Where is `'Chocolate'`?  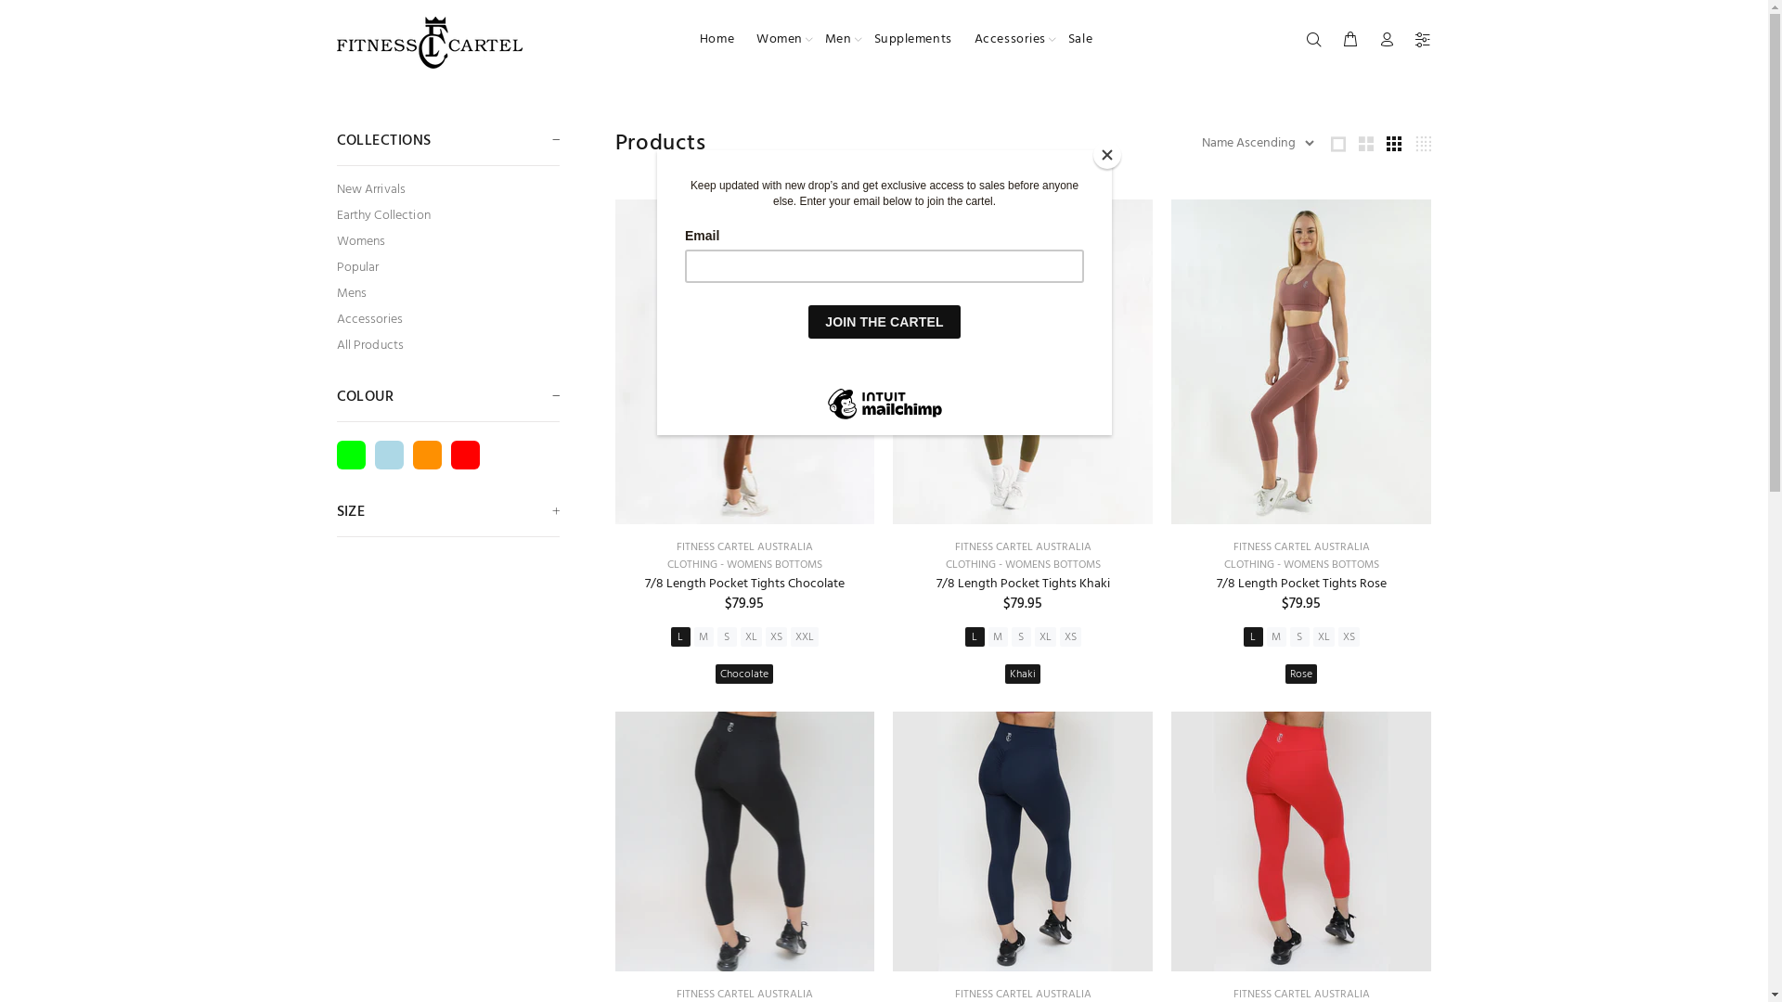 'Chocolate' is located at coordinates (715, 674).